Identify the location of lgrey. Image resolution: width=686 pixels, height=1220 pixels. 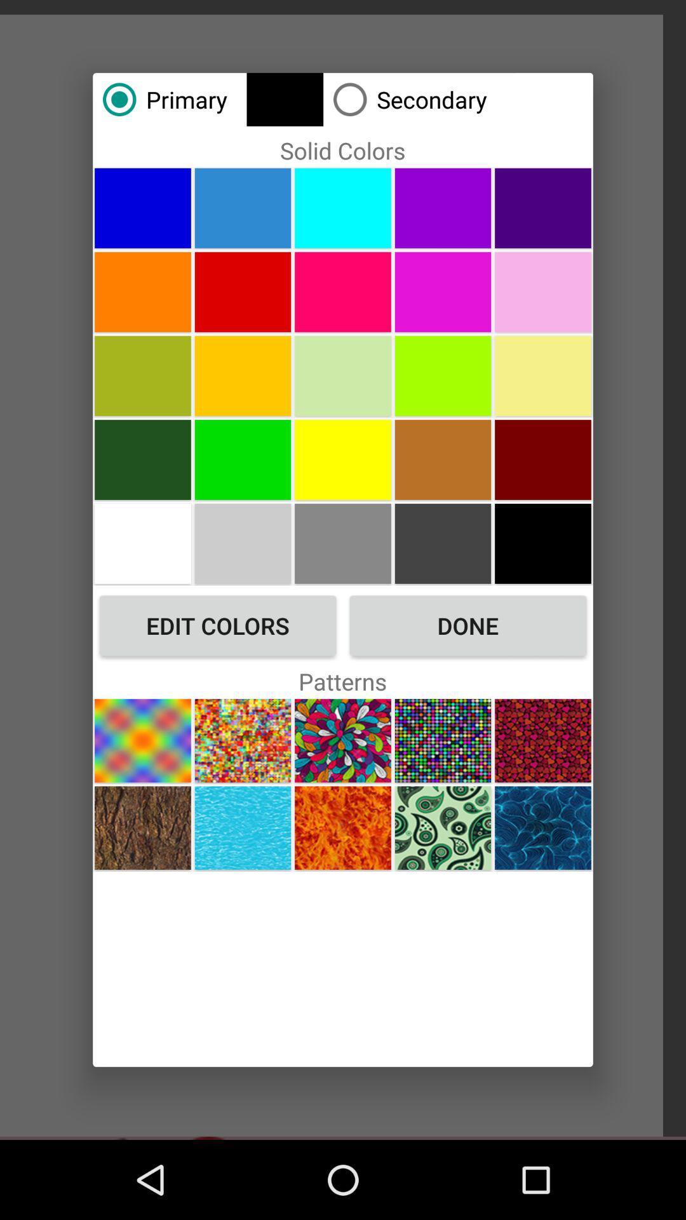
(343, 543).